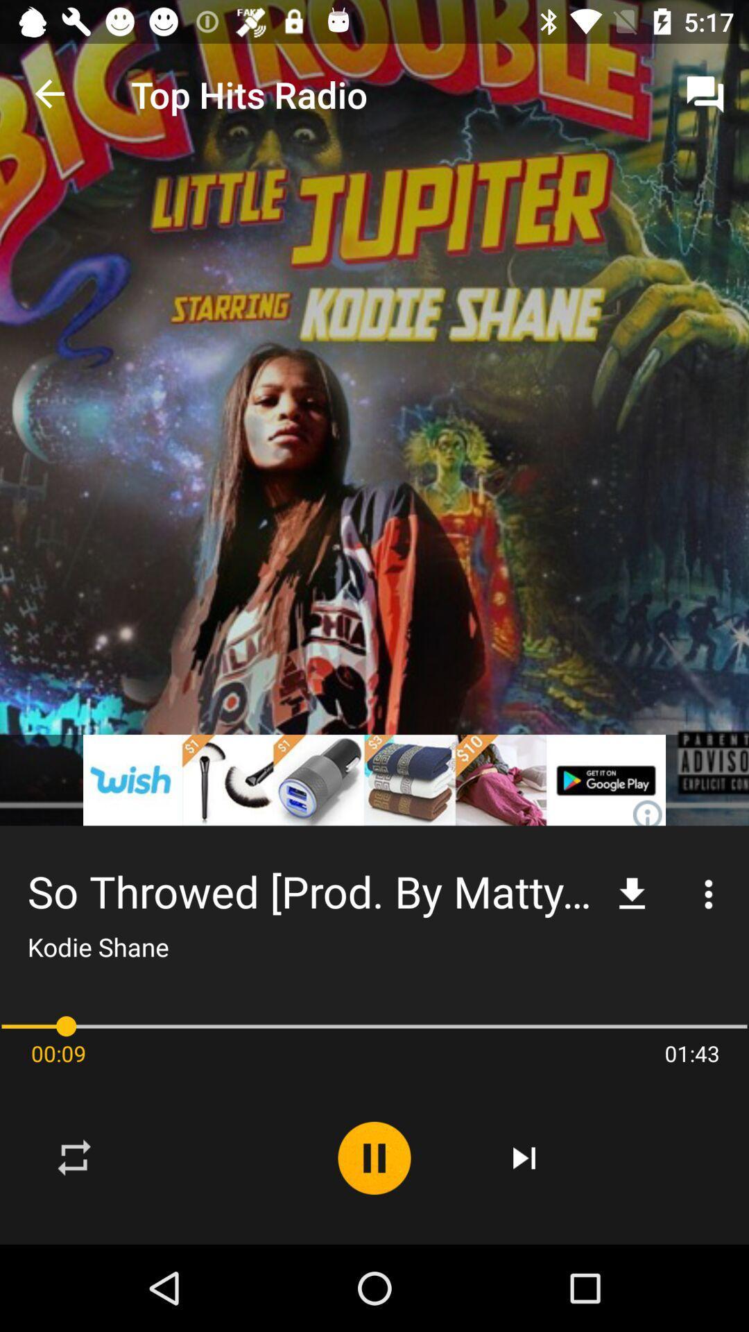 This screenshot has height=1332, width=749. What do you see at coordinates (50, 94) in the screenshot?
I see `the icon to the left of the top hits radio item` at bounding box center [50, 94].